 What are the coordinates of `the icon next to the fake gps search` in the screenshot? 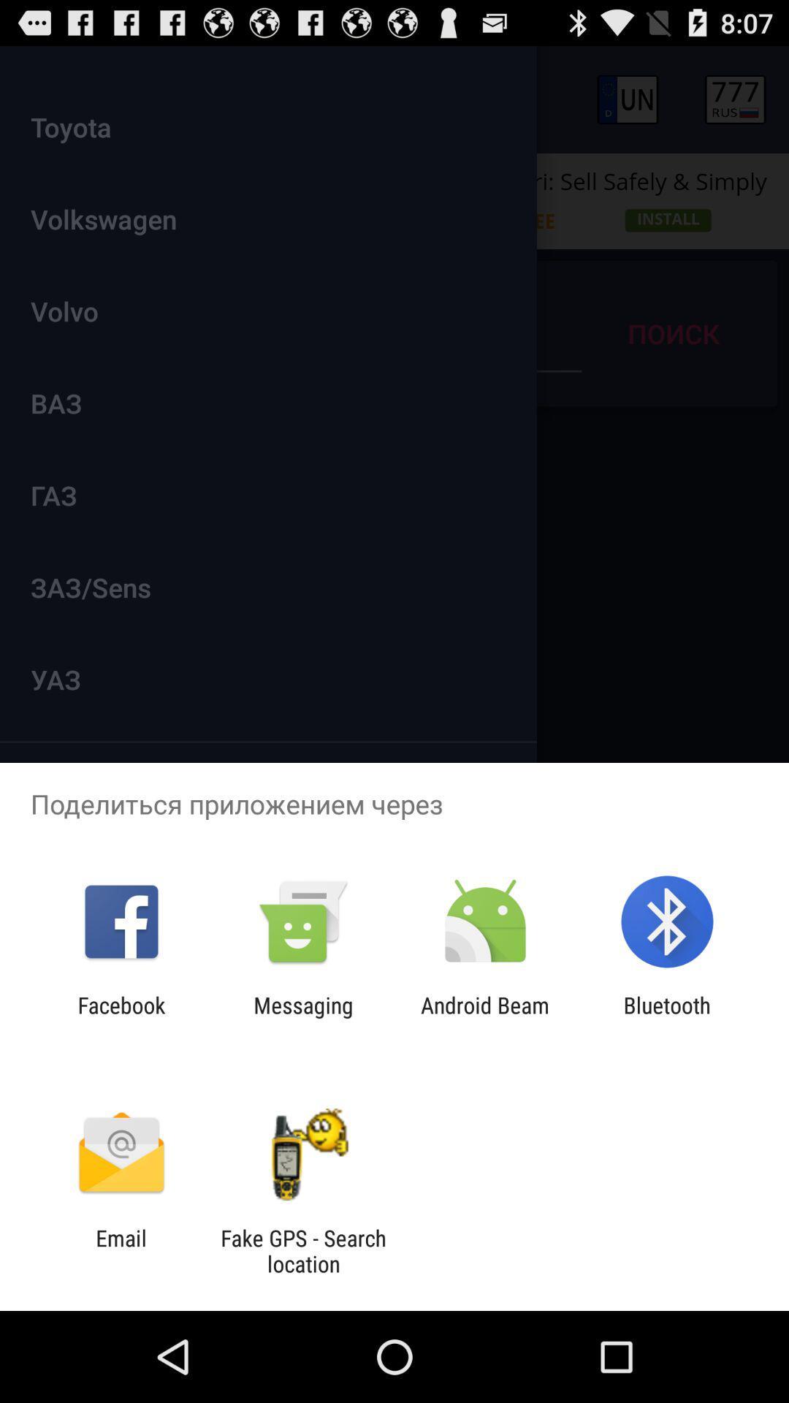 It's located at (121, 1250).